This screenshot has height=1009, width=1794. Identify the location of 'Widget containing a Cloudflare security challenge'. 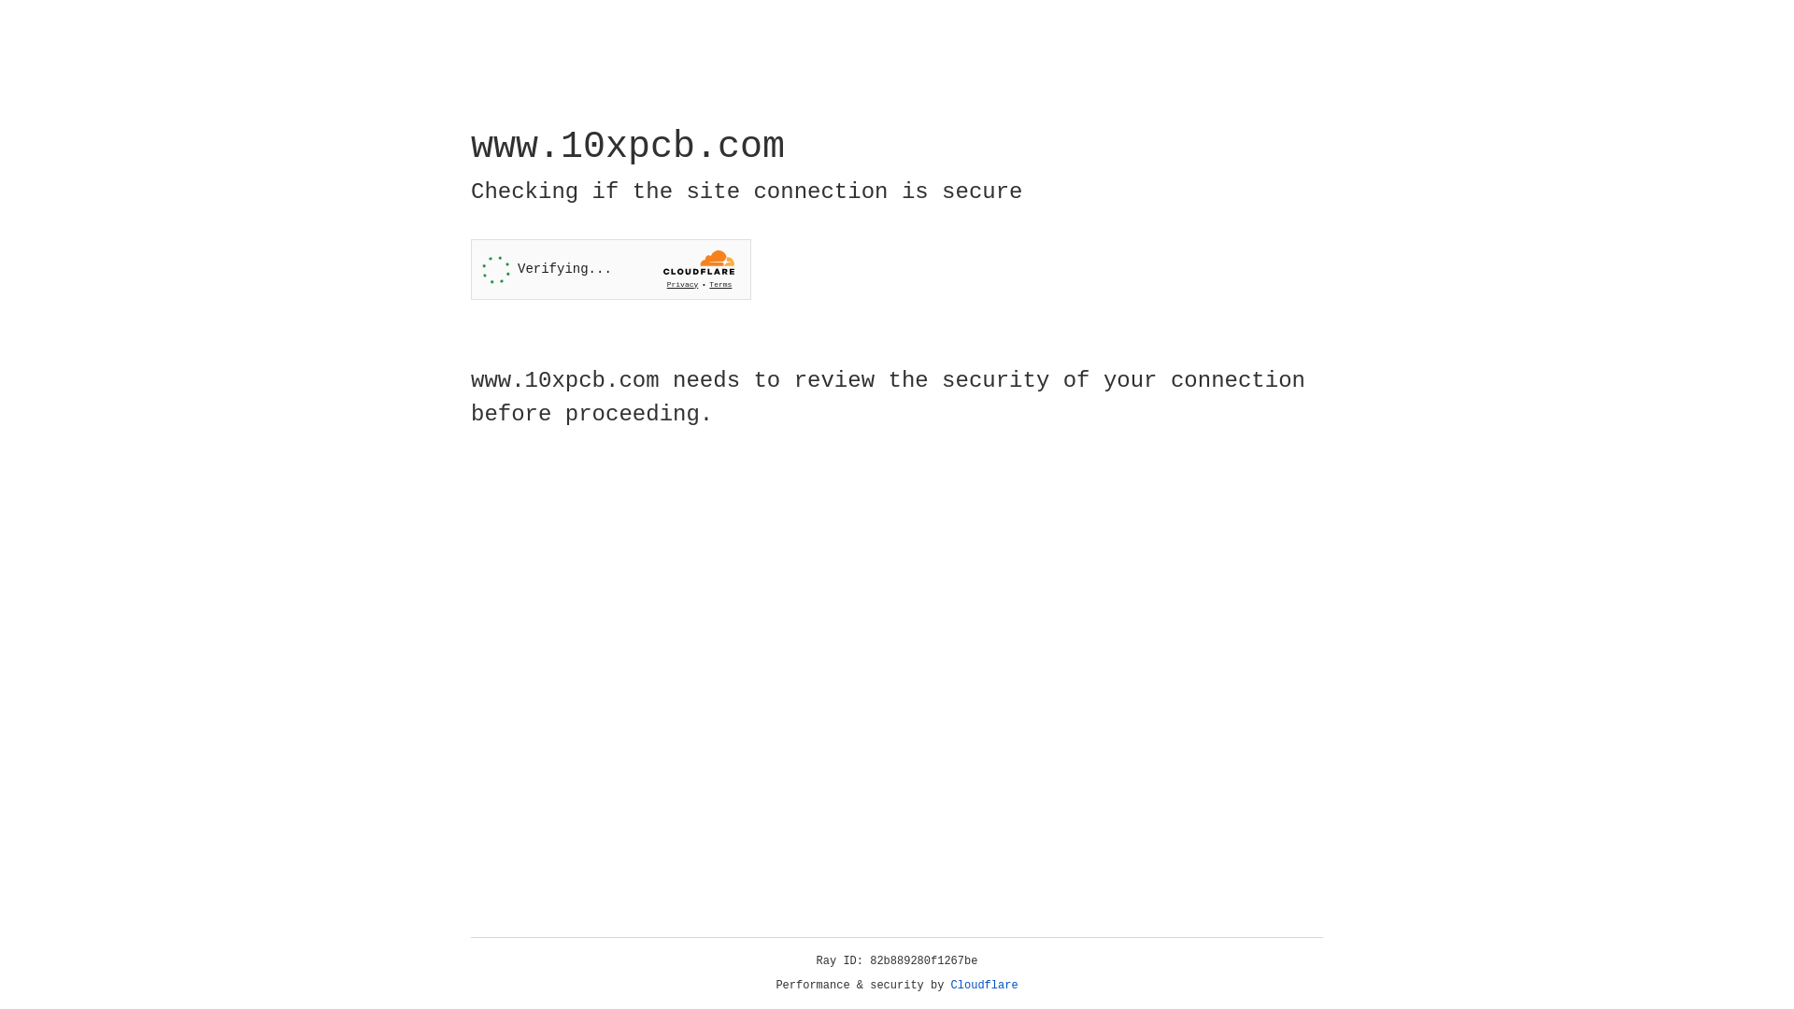
(610, 269).